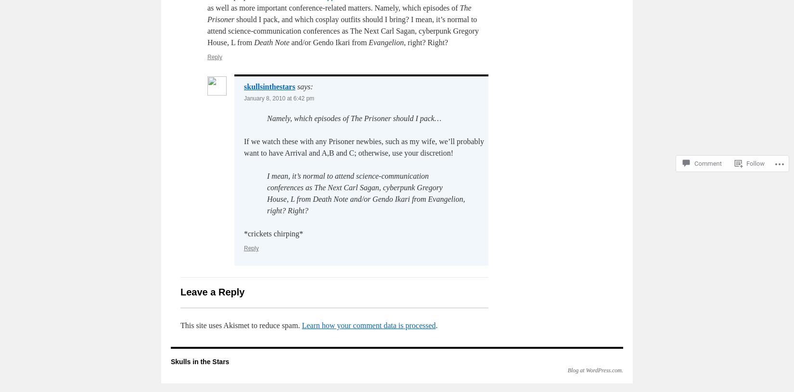 The width and height of the screenshot is (794, 392). Describe the element at coordinates (278, 98) in the screenshot. I see `'January 8, 2010 at 6:42 pm'` at that location.